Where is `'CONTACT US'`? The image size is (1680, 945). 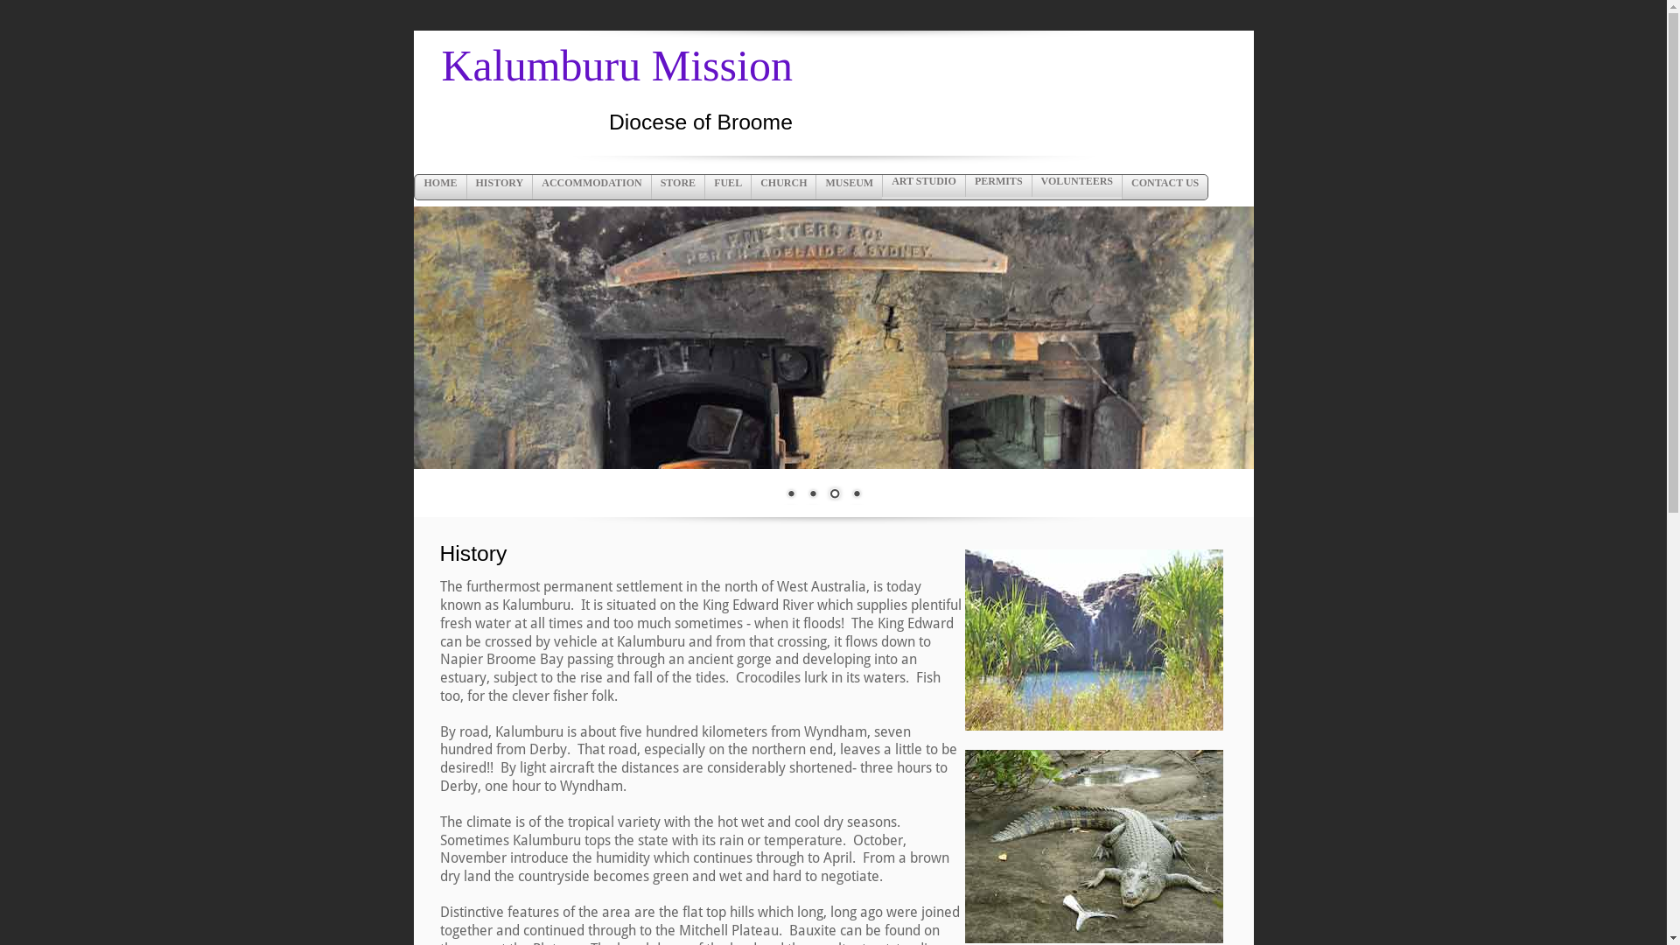
'CONTACT US' is located at coordinates (1164, 186).